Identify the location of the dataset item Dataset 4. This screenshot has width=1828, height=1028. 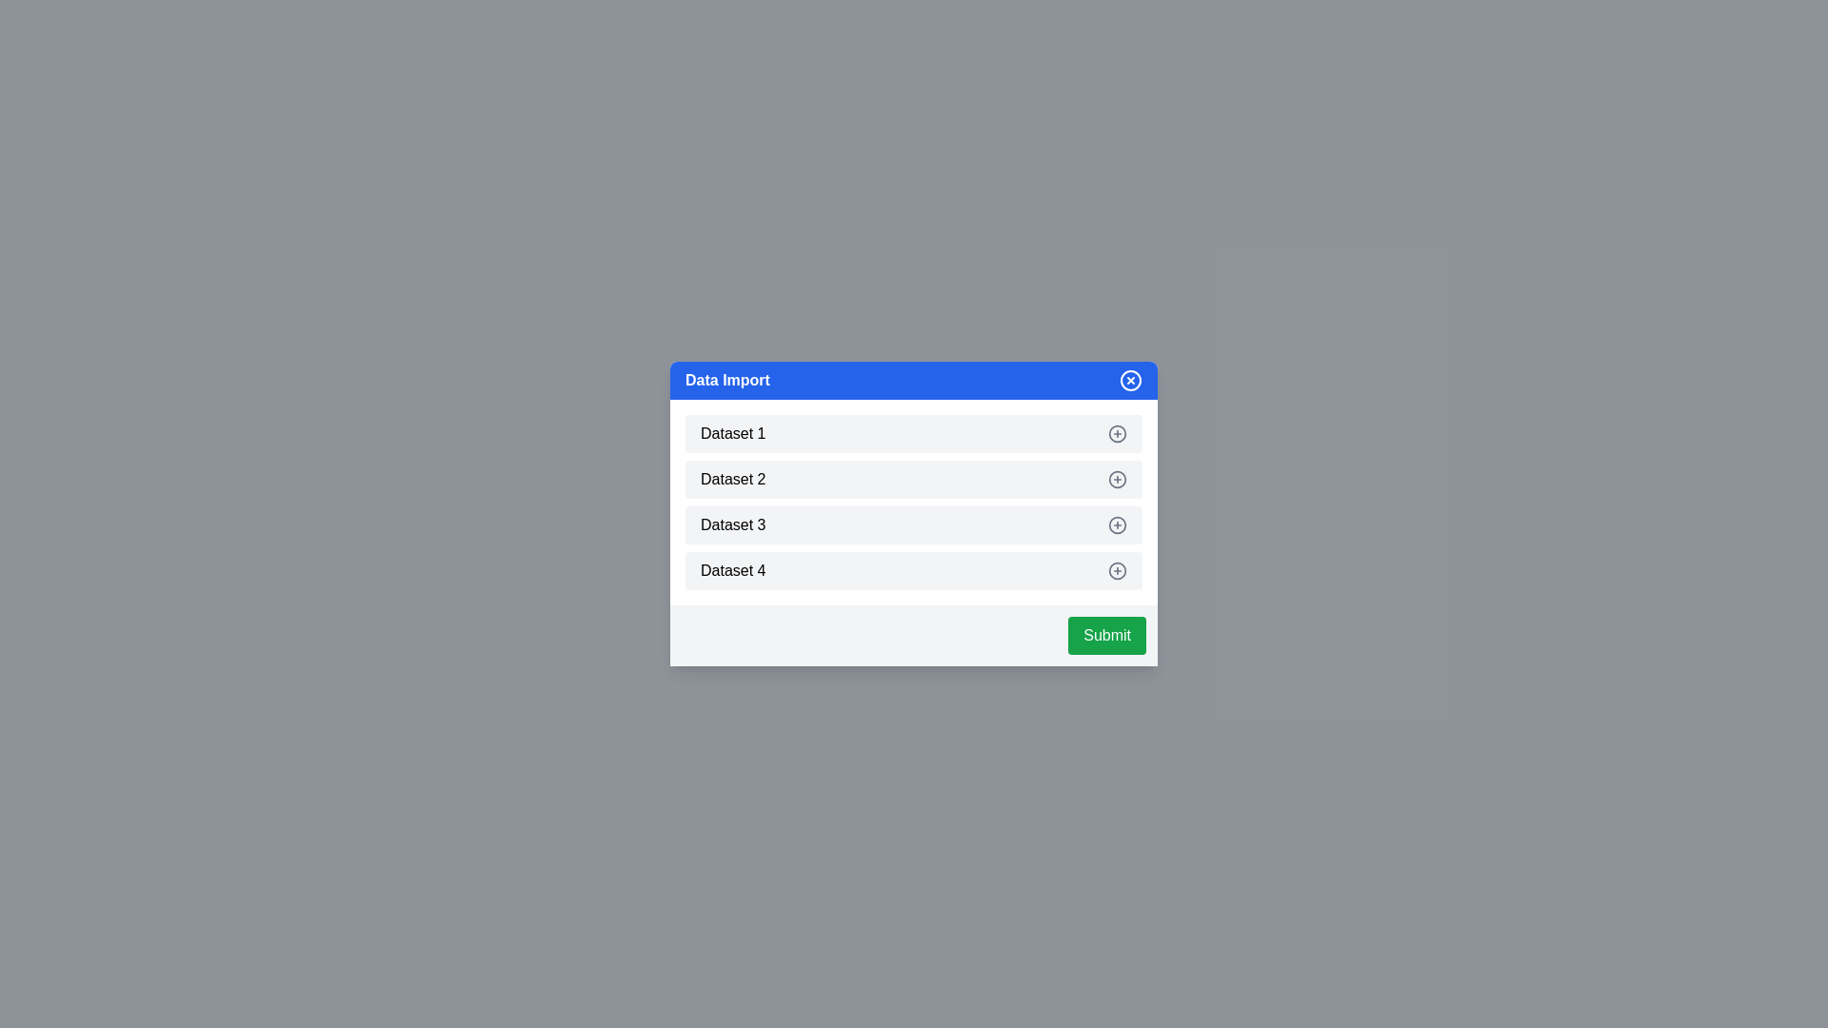
(1118, 570).